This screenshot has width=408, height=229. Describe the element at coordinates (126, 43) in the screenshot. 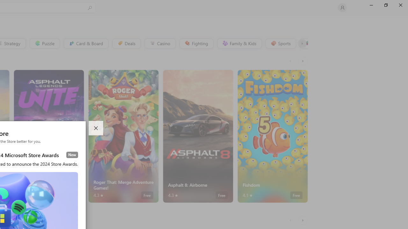

I see `'Deals'` at that location.